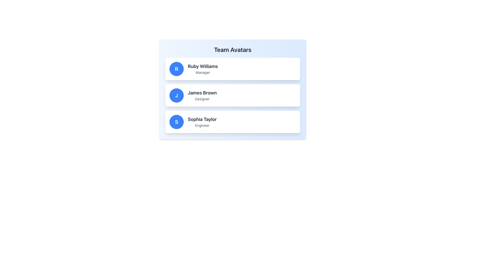  I want to click on text label that contains the word 'Designer', located directly below the name 'James Brown' in the second card of a vertically arranged list of cards, so click(202, 99).